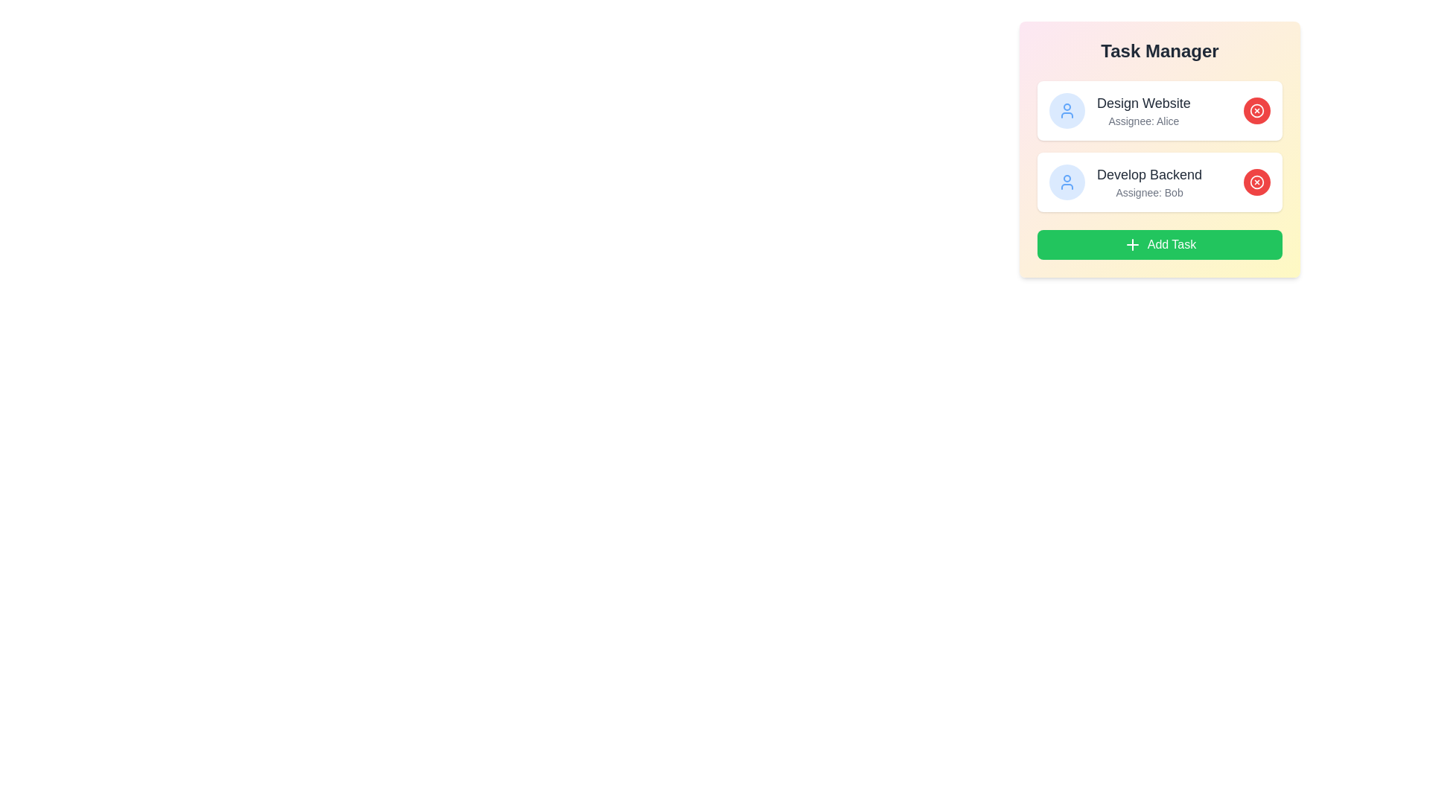 The width and height of the screenshot is (1430, 804). What do you see at coordinates (1132, 243) in the screenshot?
I see `the plus icon located on the left side of the 'Add Task' button` at bounding box center [1132, 243].